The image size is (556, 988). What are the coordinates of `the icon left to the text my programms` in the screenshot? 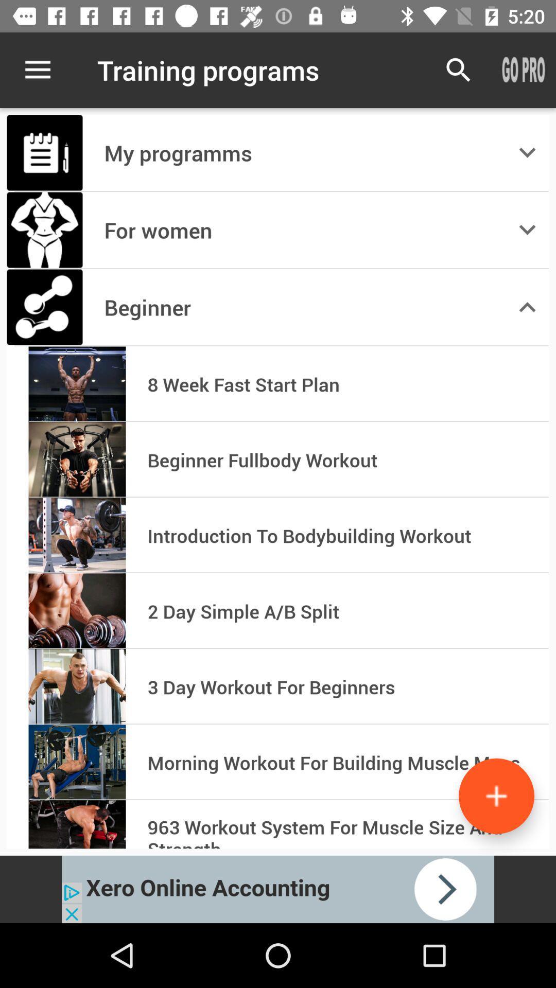 It's located at (44, 152).